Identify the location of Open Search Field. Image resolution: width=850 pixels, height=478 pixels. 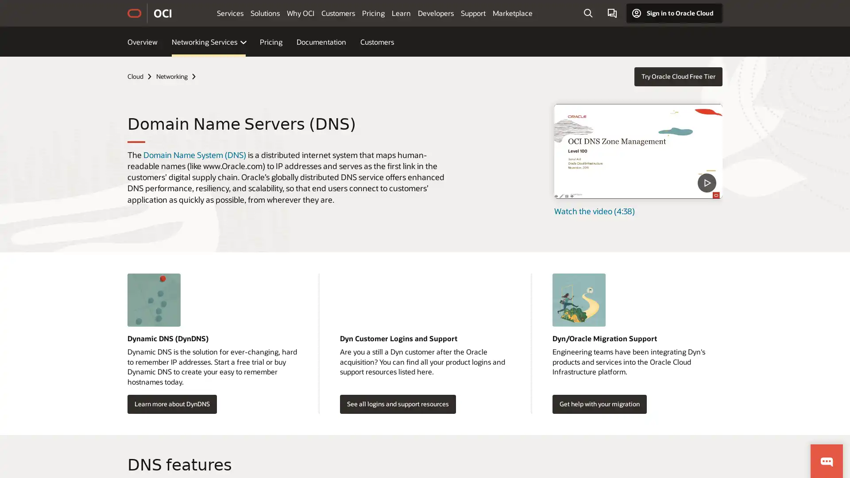
(588, 13).